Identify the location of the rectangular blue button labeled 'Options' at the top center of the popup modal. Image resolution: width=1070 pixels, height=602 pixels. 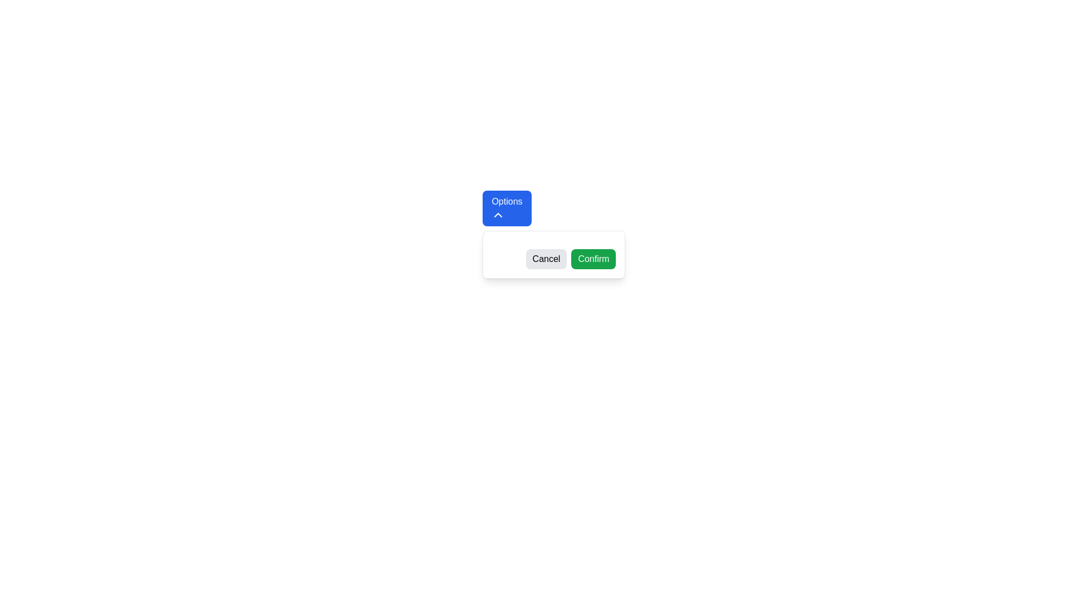
(507, 208).